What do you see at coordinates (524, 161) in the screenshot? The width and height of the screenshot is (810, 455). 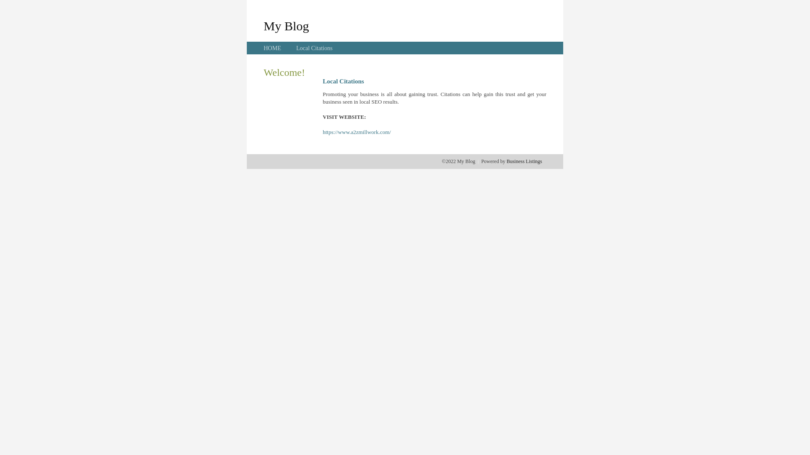 I see `'Business Listings'` at bounding box center [524, 161].